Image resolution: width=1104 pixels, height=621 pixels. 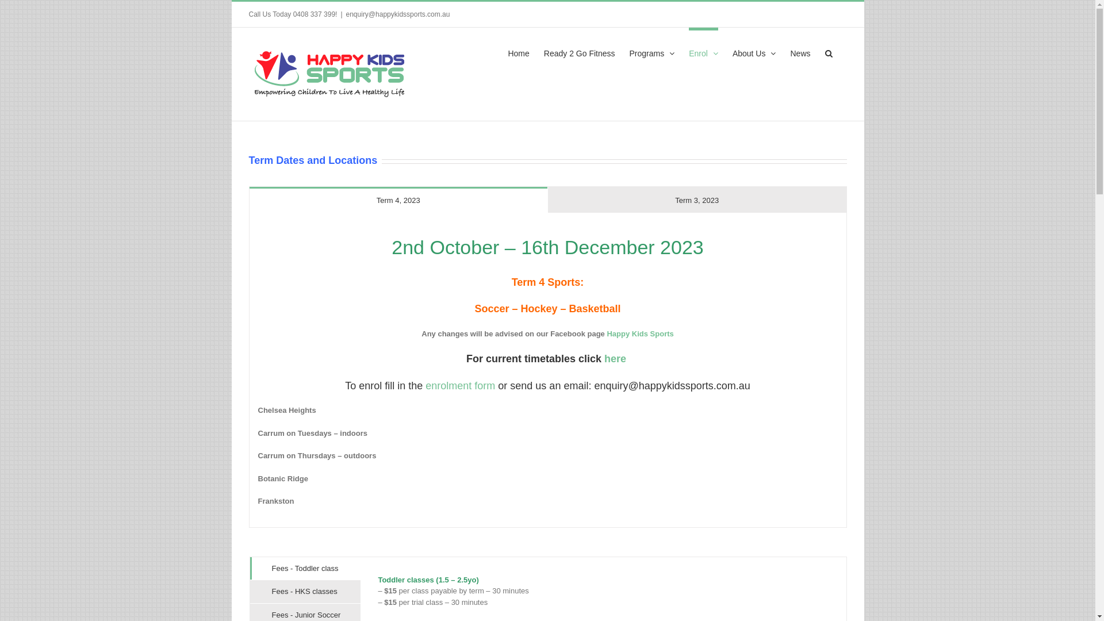 What do you see at coordinates (460, 386) in the screenshot?
I see `'enrolment form'` at bounding box center [460, 386].